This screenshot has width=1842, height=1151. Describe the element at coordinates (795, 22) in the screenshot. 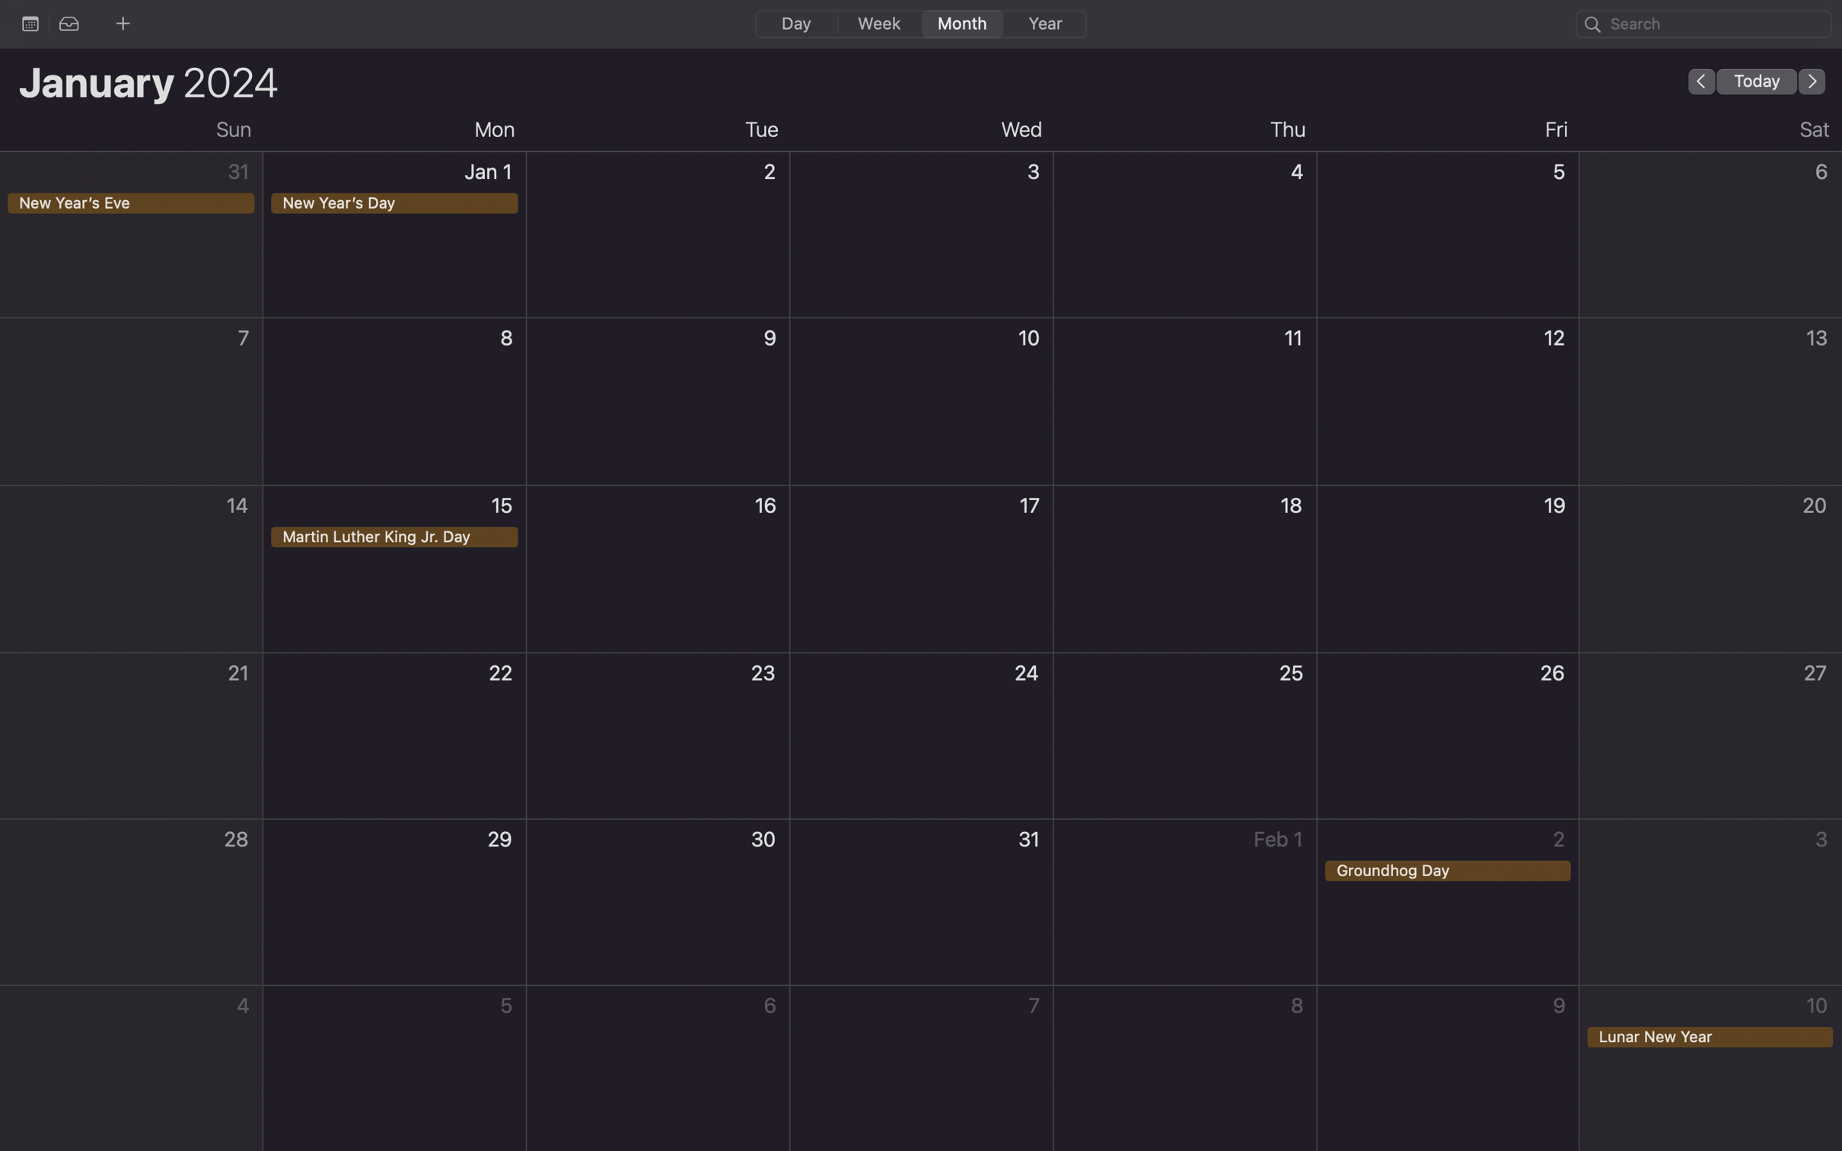

I see `Display the calendar on a day-to-day basis` at that location.